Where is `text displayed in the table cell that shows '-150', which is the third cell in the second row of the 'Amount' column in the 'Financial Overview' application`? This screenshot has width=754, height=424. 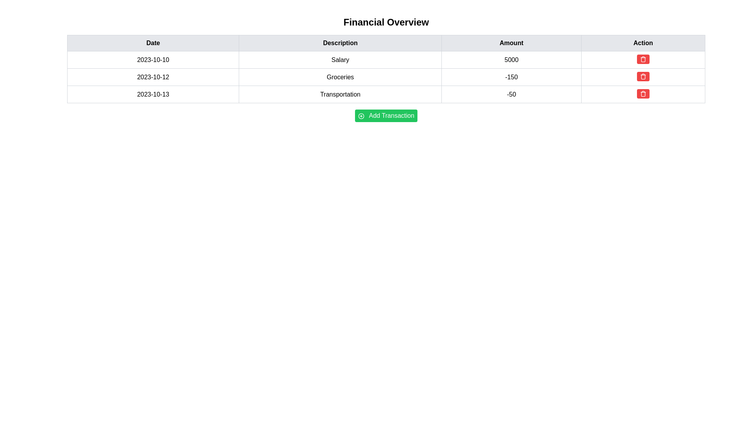 text displayed in the table cell that shows '-150', which is the third cell in the second row of the 'Amount' column in the 'Financial Overview' application is located at coordinates (511, 77).